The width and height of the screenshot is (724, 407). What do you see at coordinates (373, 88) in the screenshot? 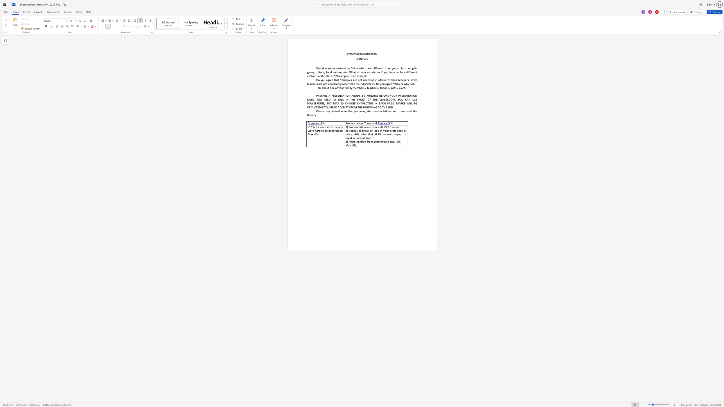
I see `the 1th character "h" in the text` at bounding box center [373, 88].